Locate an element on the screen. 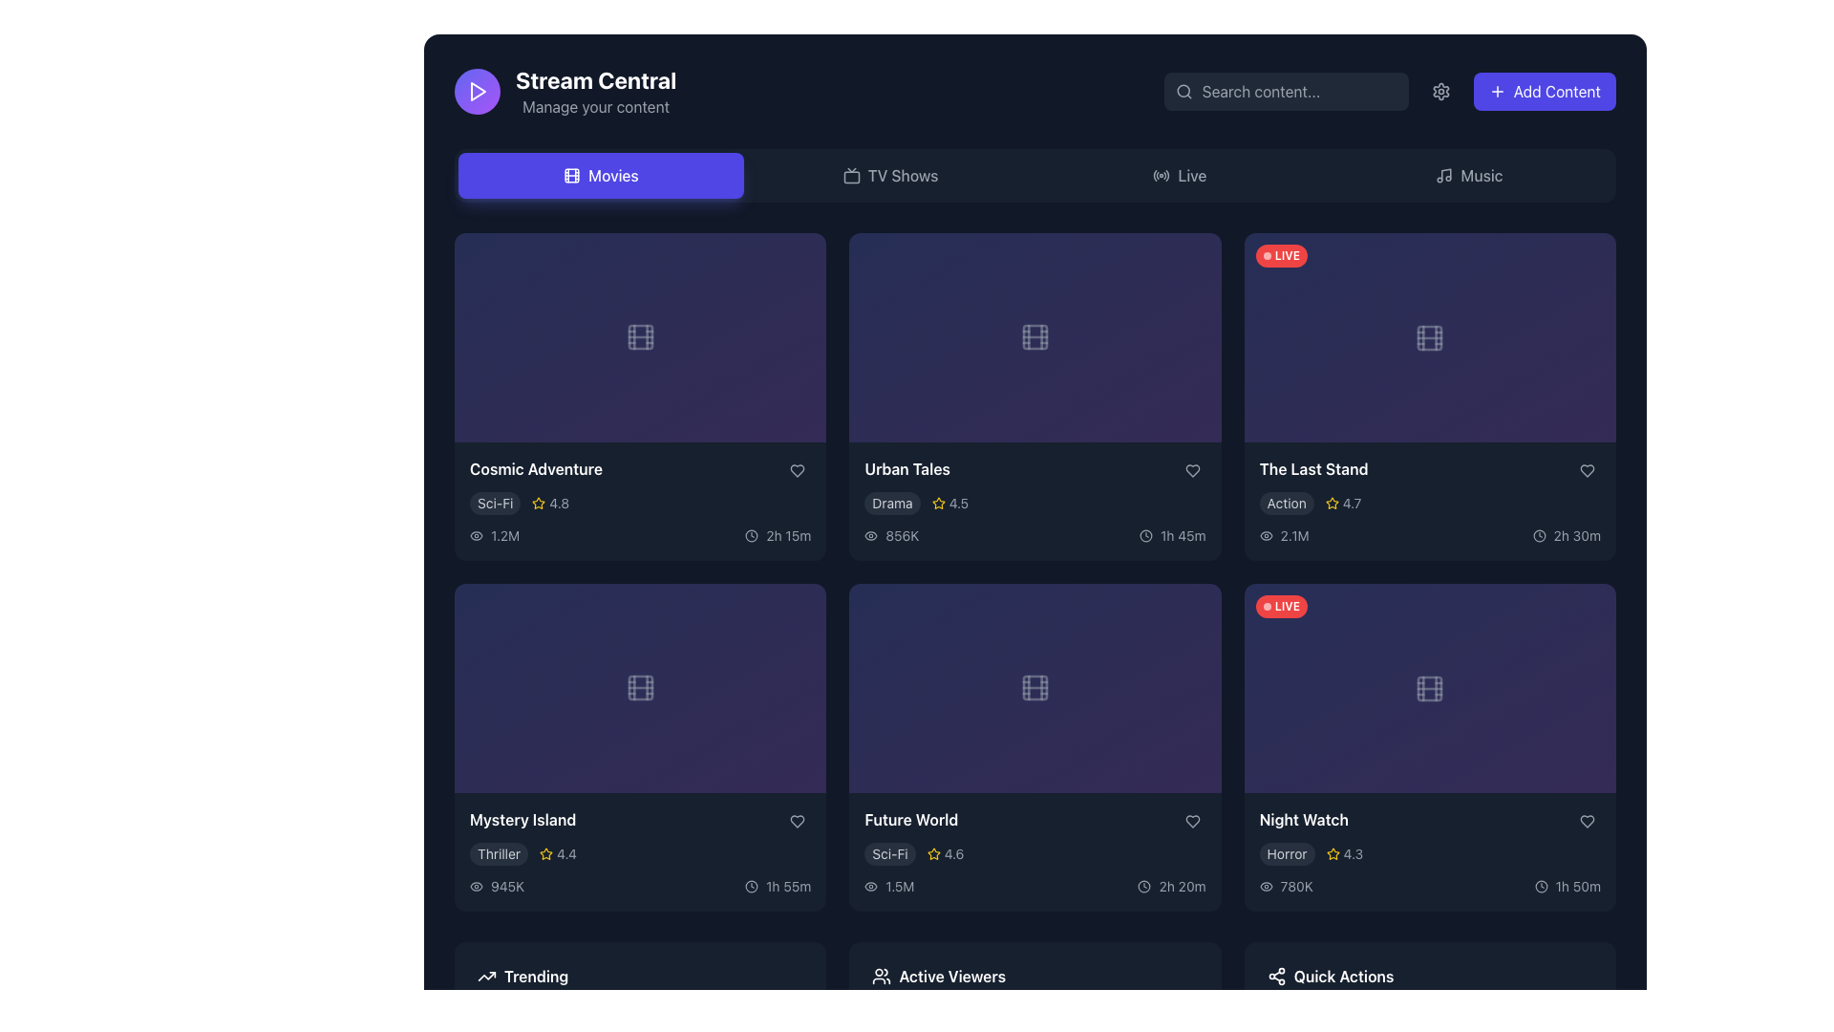  view count label located in the bottom section of the 'Urban Tales' content card, positioned near the center column and to the right of the eye icon, to understand the content's popularity is located at coordinates (901, 535).